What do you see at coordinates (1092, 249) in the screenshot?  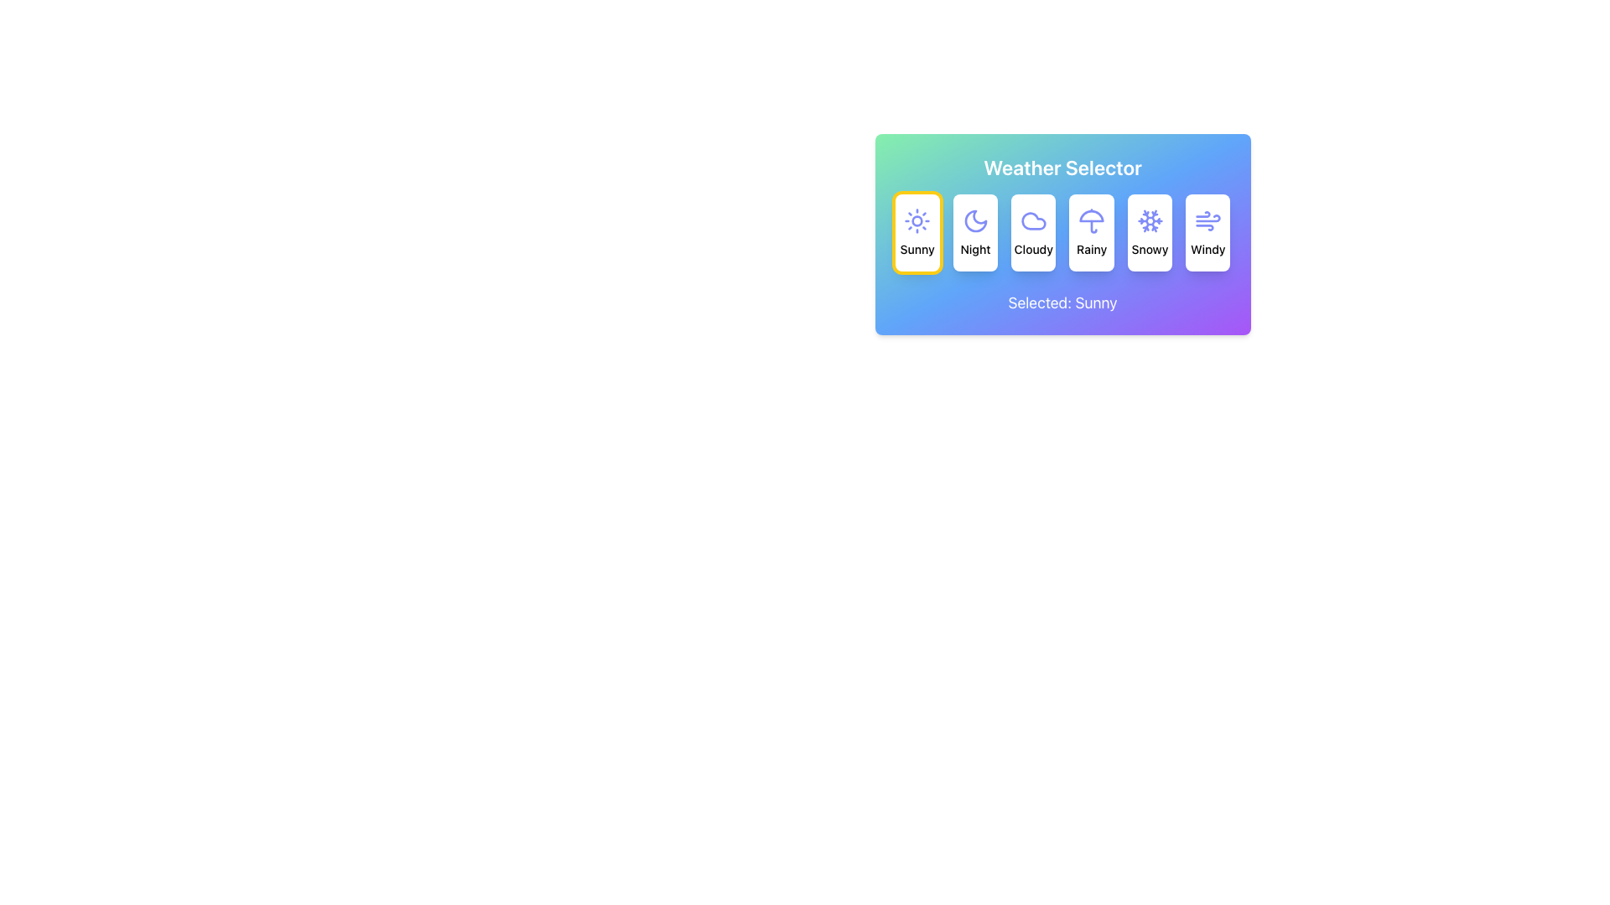 I see `the text label that displays 'Rainy', which is the fourth selectable option in the horizontal weather selector interface, positioned below an umbrella icon` at bounding box center [1092, 249].